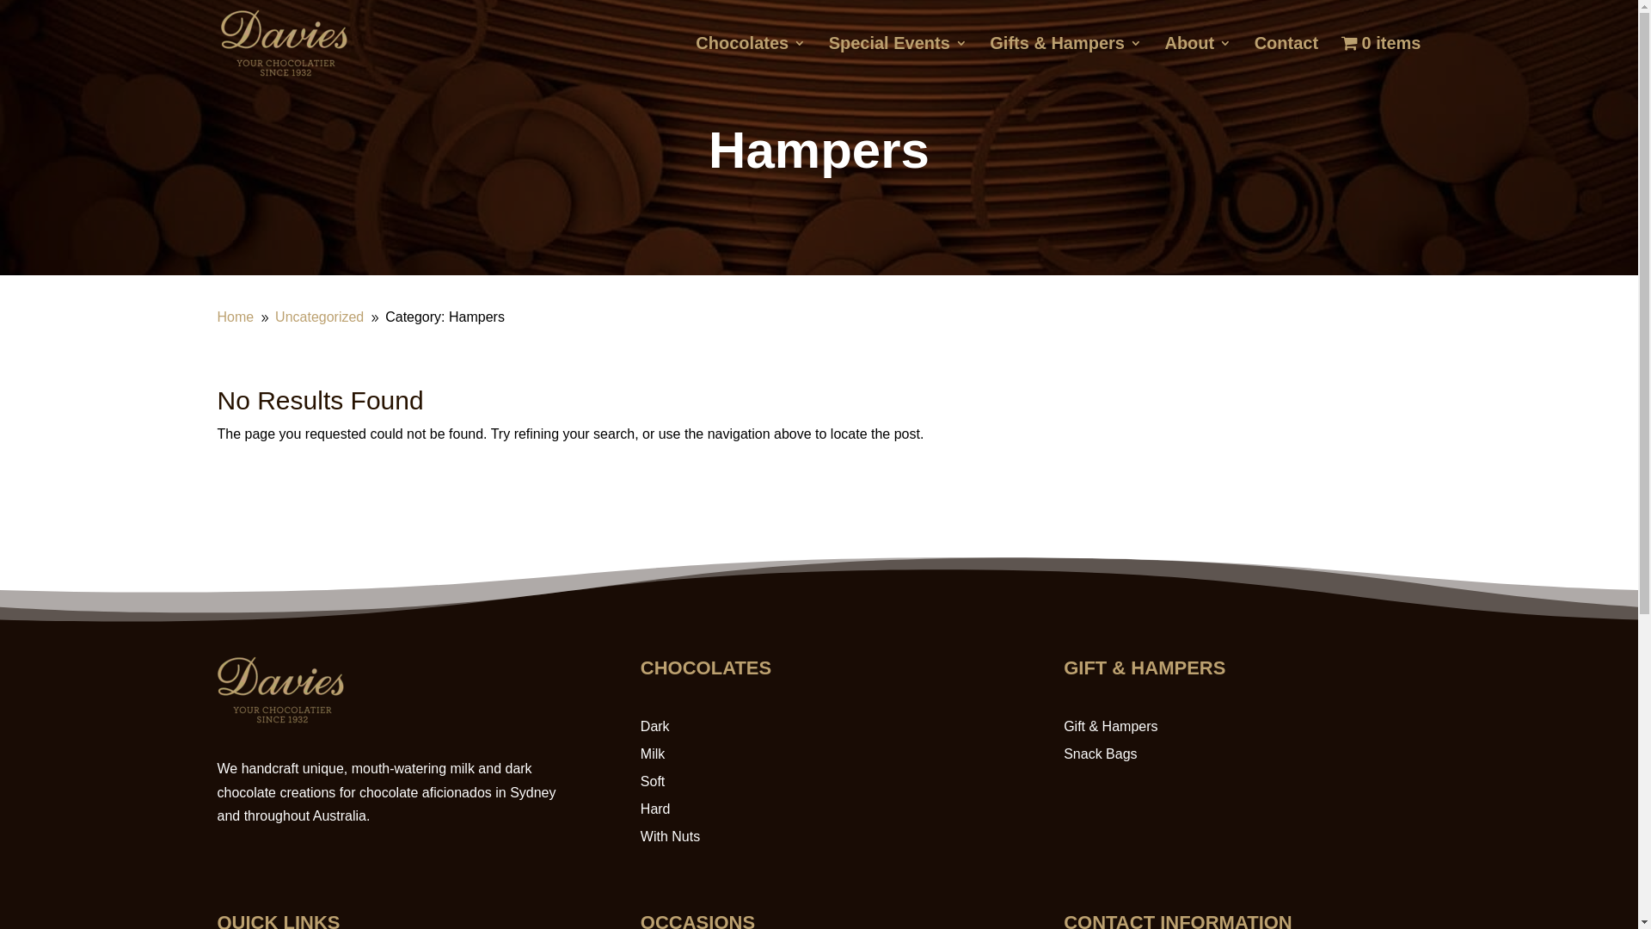 This screenshot has width=1651, height=929. Describe the element at coordinates (319, 317) in the screenshot. I see `'Uncategorized'` at that location.